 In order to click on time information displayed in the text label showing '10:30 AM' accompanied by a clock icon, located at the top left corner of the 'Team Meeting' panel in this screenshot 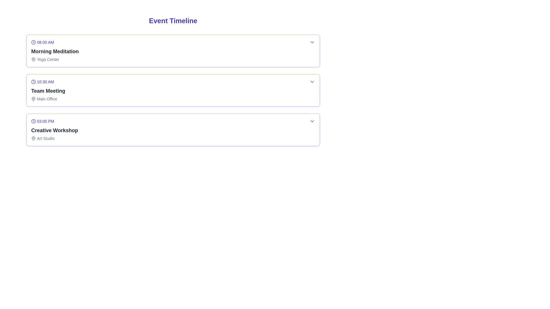, I will do `click(48, 82)`.